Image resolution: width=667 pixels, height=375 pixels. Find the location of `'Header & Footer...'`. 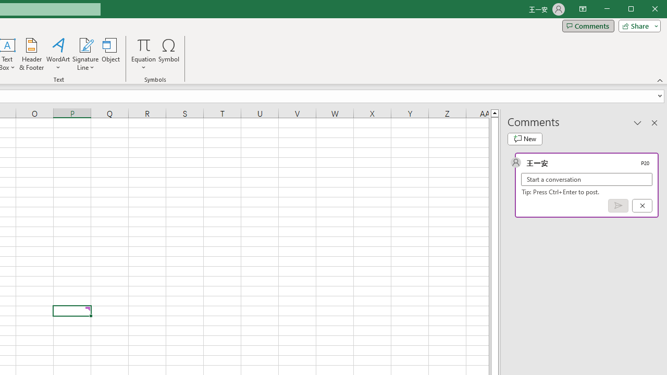

'Header & Footer...' is located at coordinates (31, 54).